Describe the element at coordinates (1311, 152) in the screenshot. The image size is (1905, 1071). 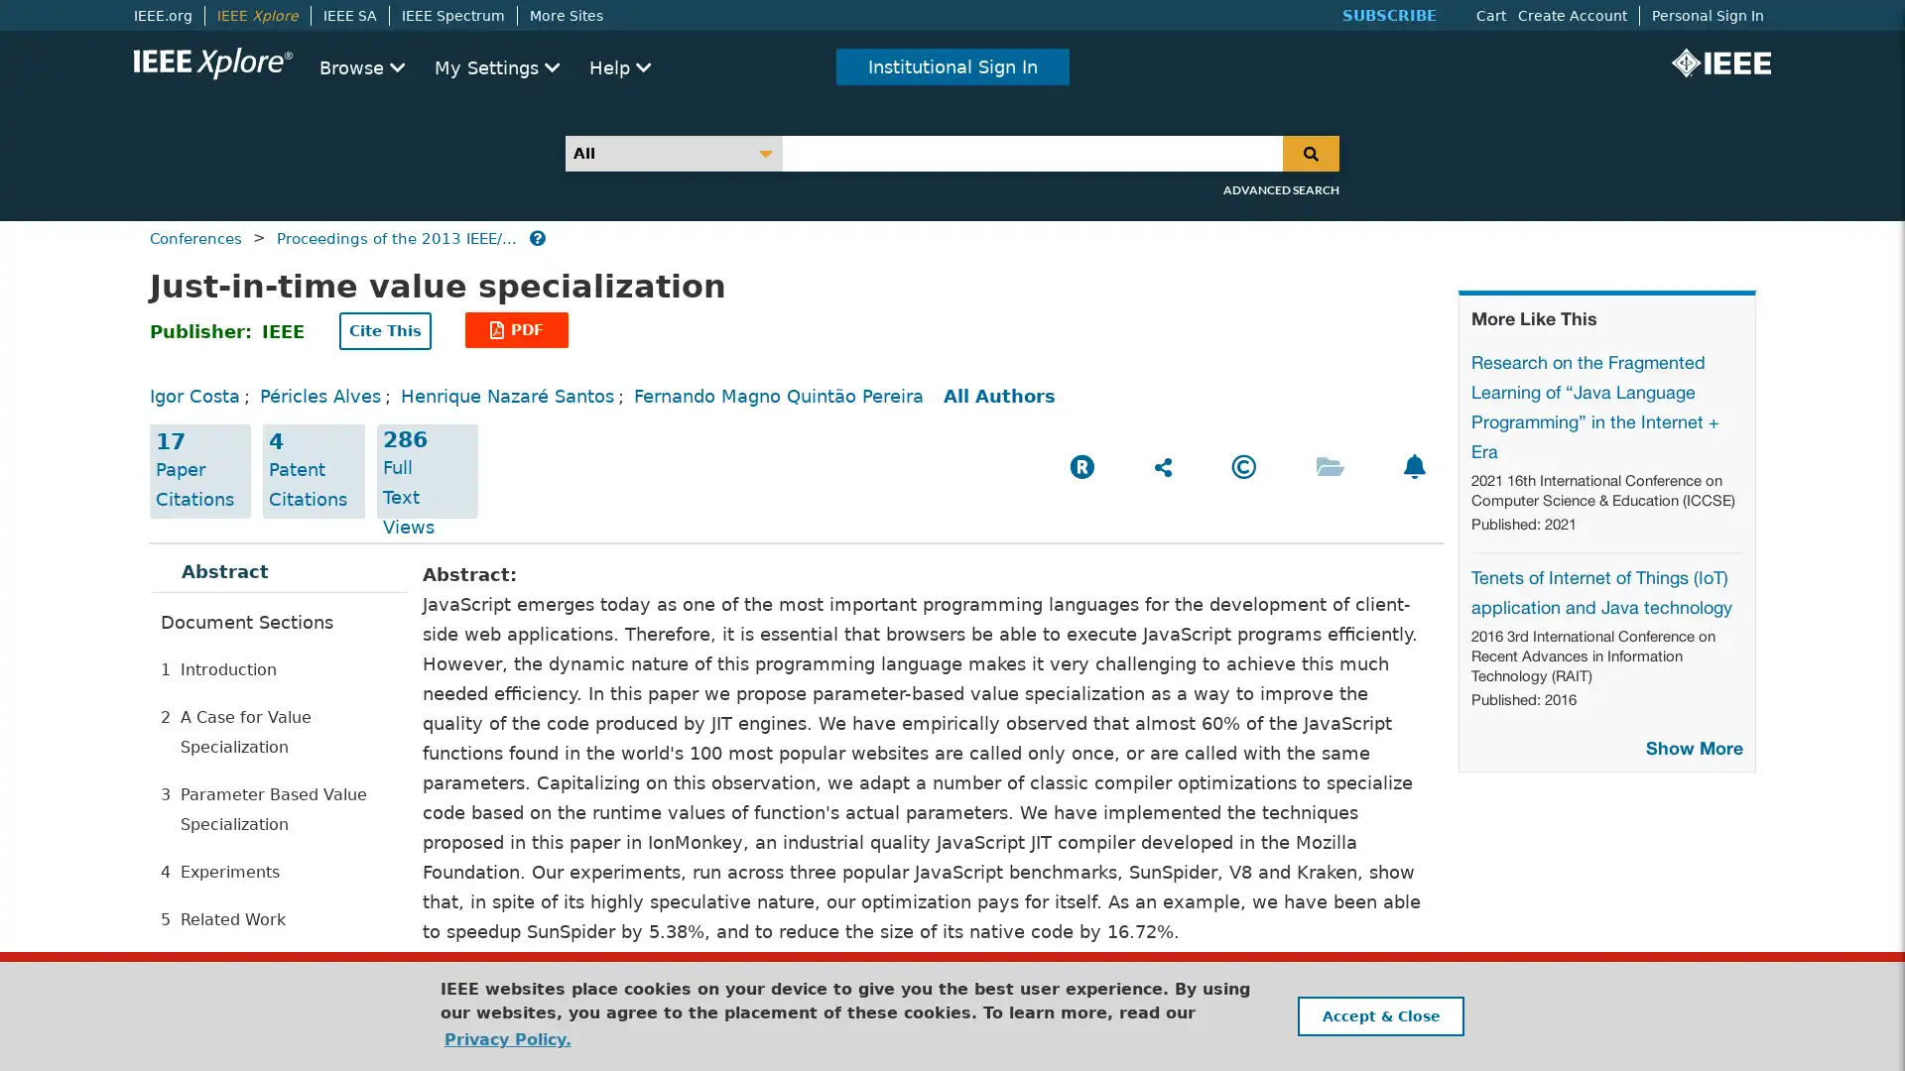
I see `Search` at that location.